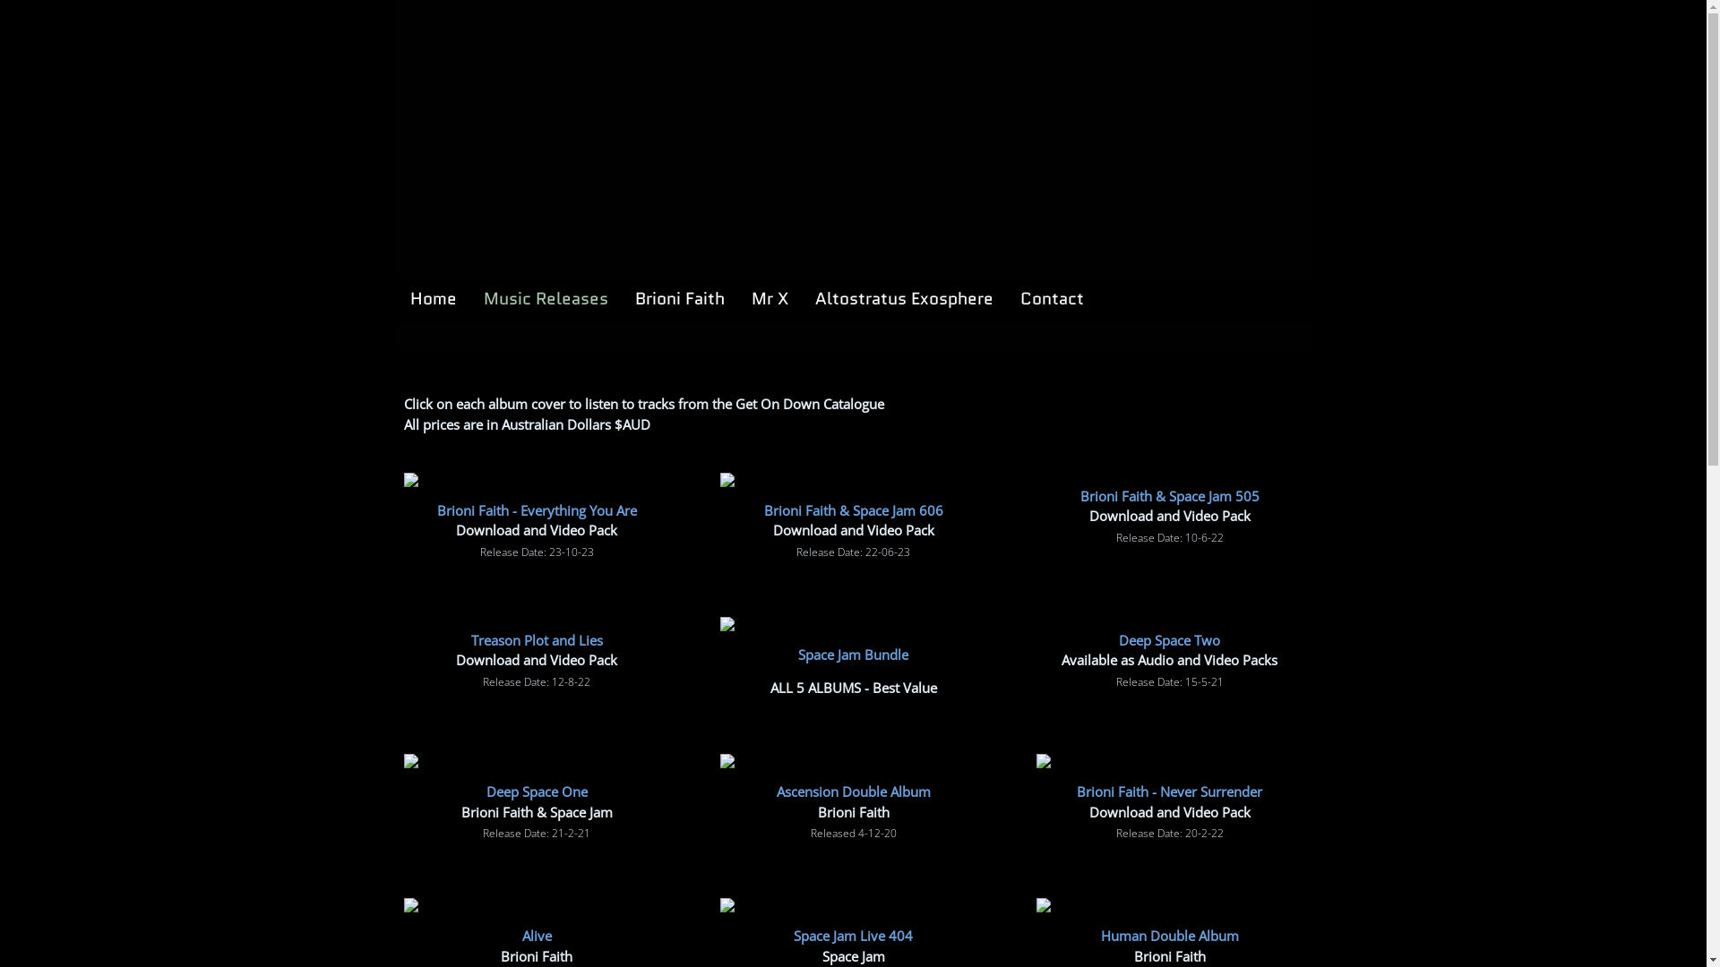 The width and height of the screenshot is (1720, 967). I want to click on 'Altostratus Exosphere', so click(904, 298).